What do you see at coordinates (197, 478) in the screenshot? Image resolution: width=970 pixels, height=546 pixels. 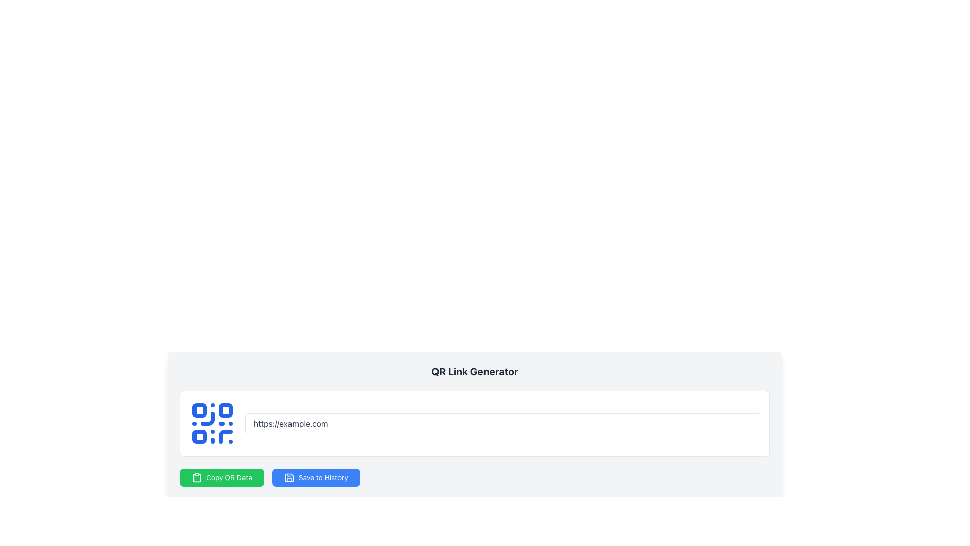 I see `the 'Copy QR Data' button which contains the clipboard-themed icon on its left side` at bounding box center [197, 478].